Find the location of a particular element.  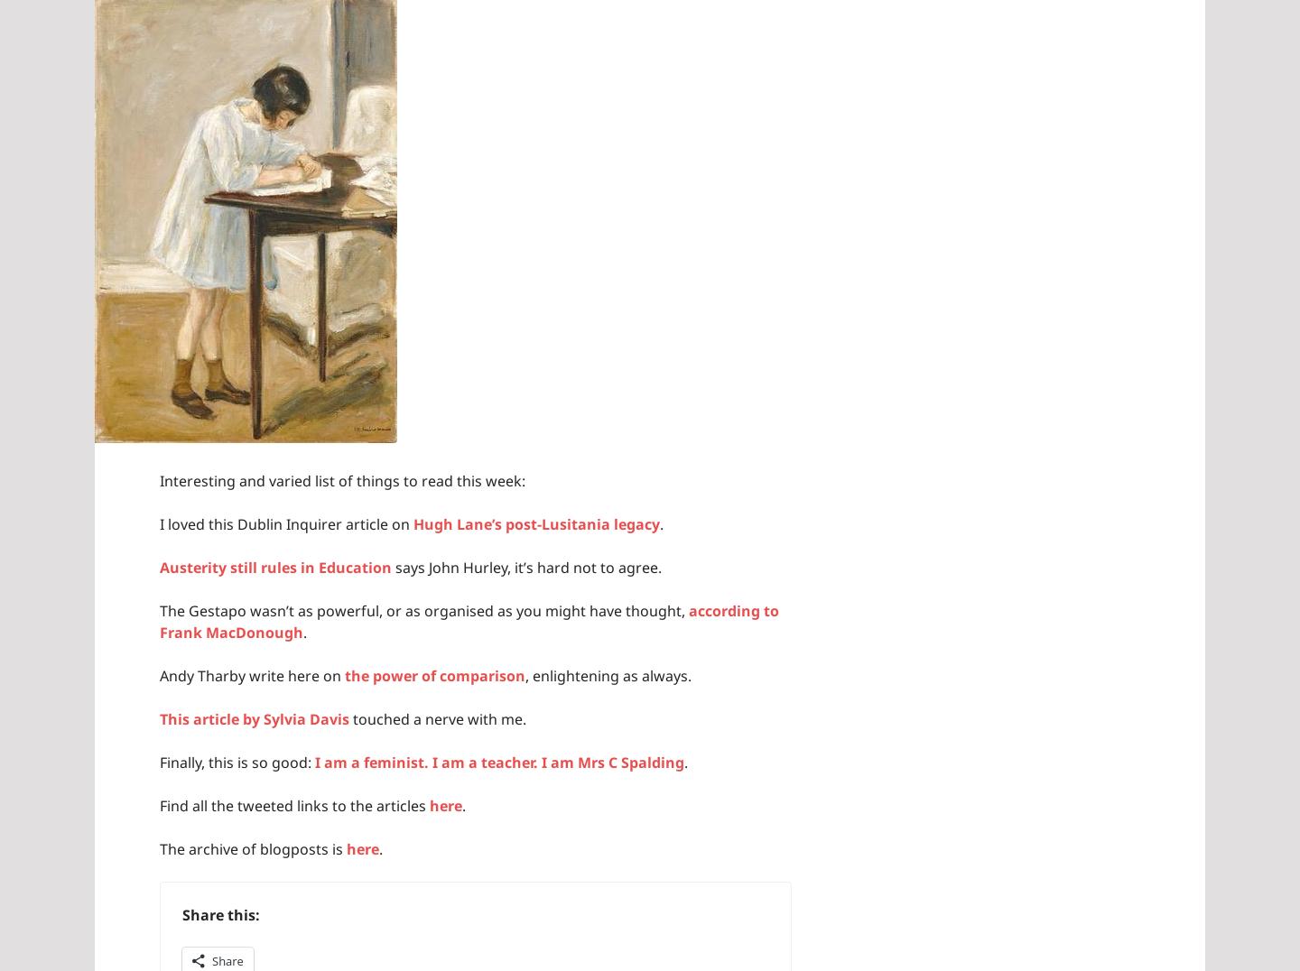

'I loved this Dublin Inquirer article on' is located at coordinates (286, 522).